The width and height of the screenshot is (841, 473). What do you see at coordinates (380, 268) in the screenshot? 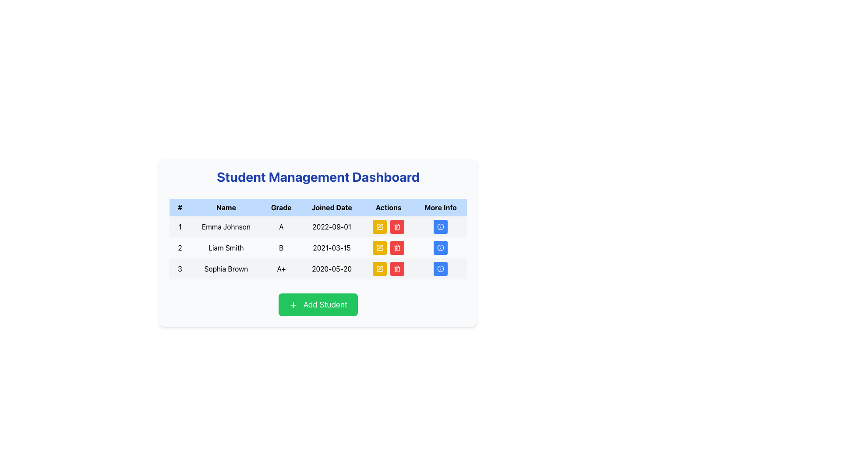
I see `the 'Edit' button located in the 'Actions' column of the second row of the table to modify the details of the corresponding row` at bounding box center [380, 268].